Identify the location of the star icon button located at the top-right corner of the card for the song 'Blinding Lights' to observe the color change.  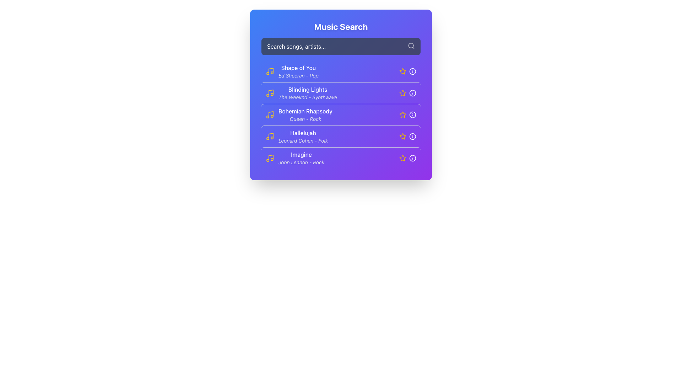
(402, 92).